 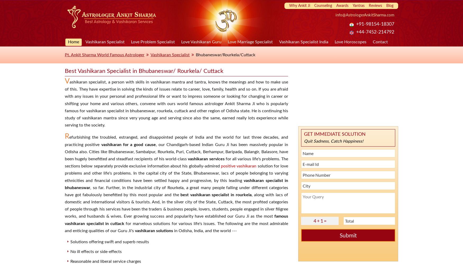 What do you see at coordinates (176, 162) in the screenshot?
I see `'for all various life's problems.  The sections below separately provide exclusive information about his globally-admired'` at bounding box center [176, 162].